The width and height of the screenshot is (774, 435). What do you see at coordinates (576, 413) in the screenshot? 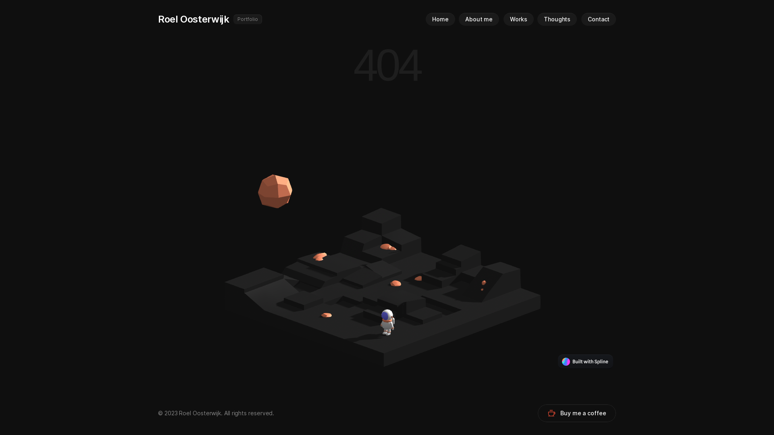
I see `'Buy me a coffee'` at bounding box center [576, 413].